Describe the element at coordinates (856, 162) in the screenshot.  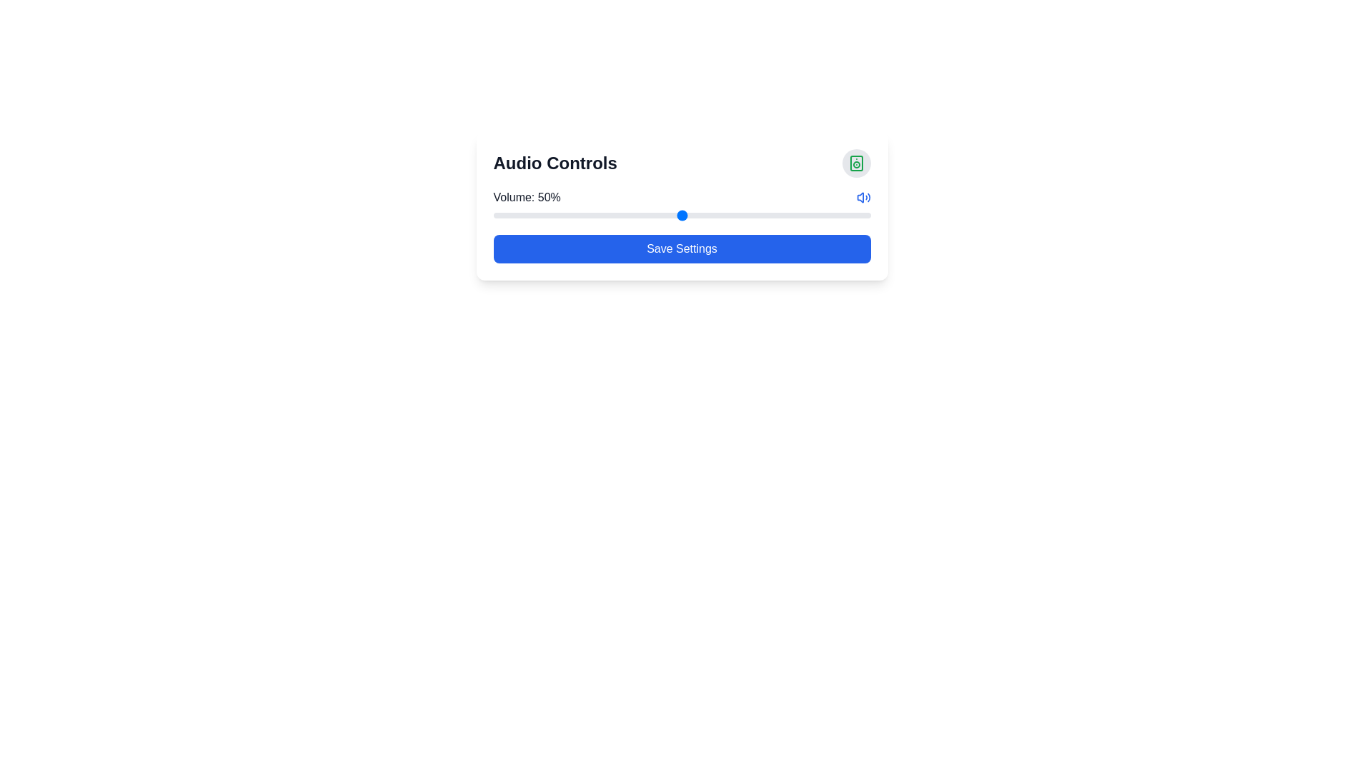
I see `the audio control button located at the far-right side of the 'Audio Controls' section` at that location.